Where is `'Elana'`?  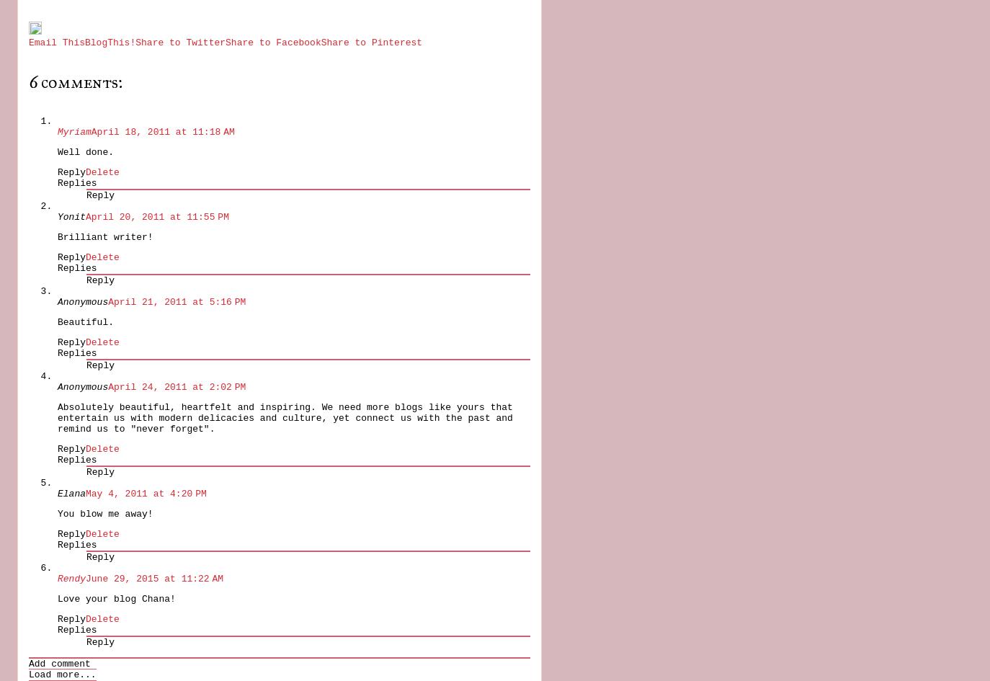
'Elana' is located at coordinates (71, 493).